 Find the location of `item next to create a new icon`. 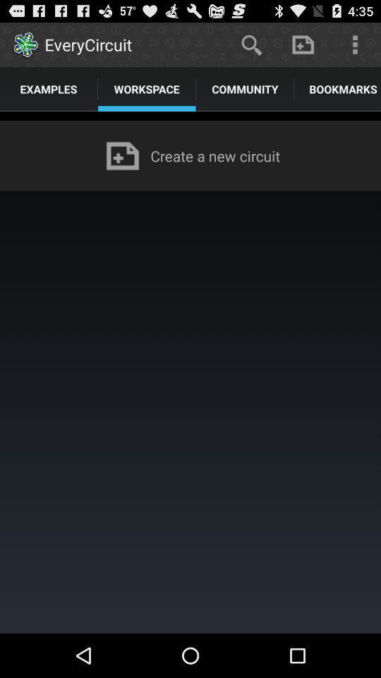

item next to create a new icon is located at coordinates (122, 155).